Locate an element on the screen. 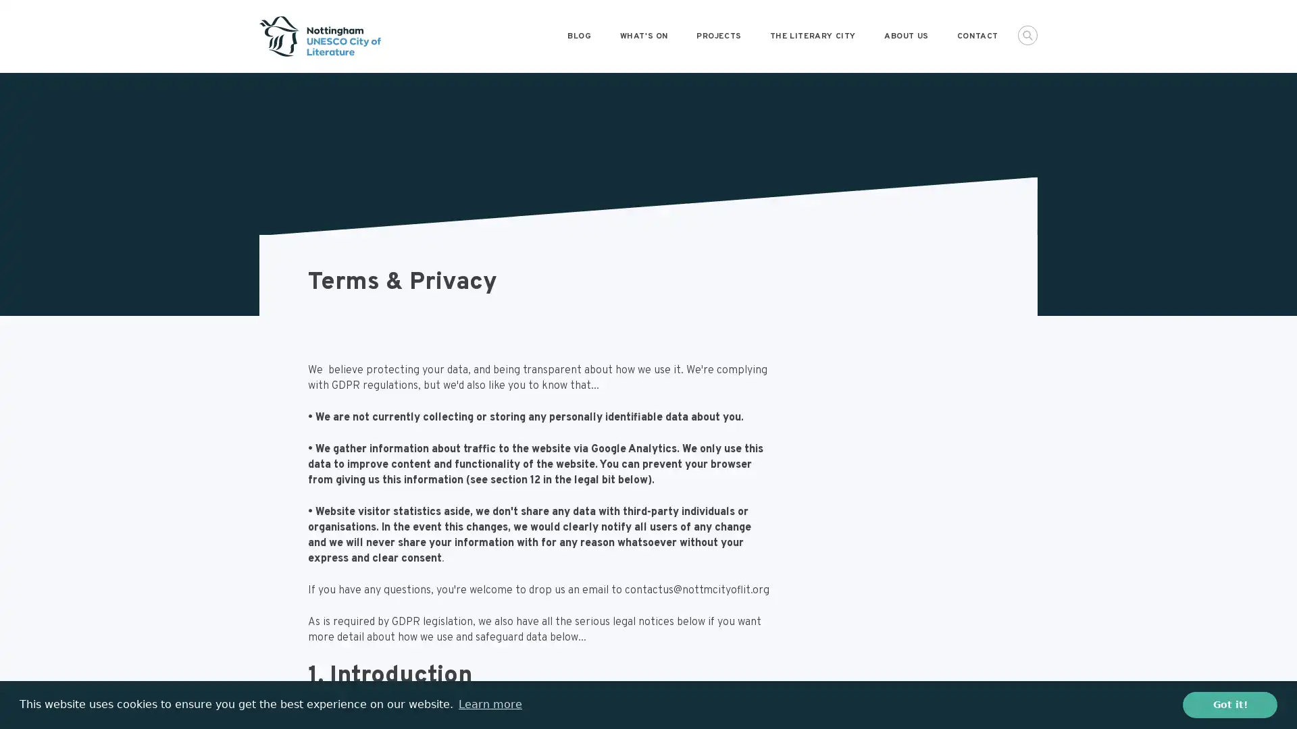 Image resolution: width=1297 pixels, height=729 pixels. learn more about cookies is located at coordinates (489, 704).